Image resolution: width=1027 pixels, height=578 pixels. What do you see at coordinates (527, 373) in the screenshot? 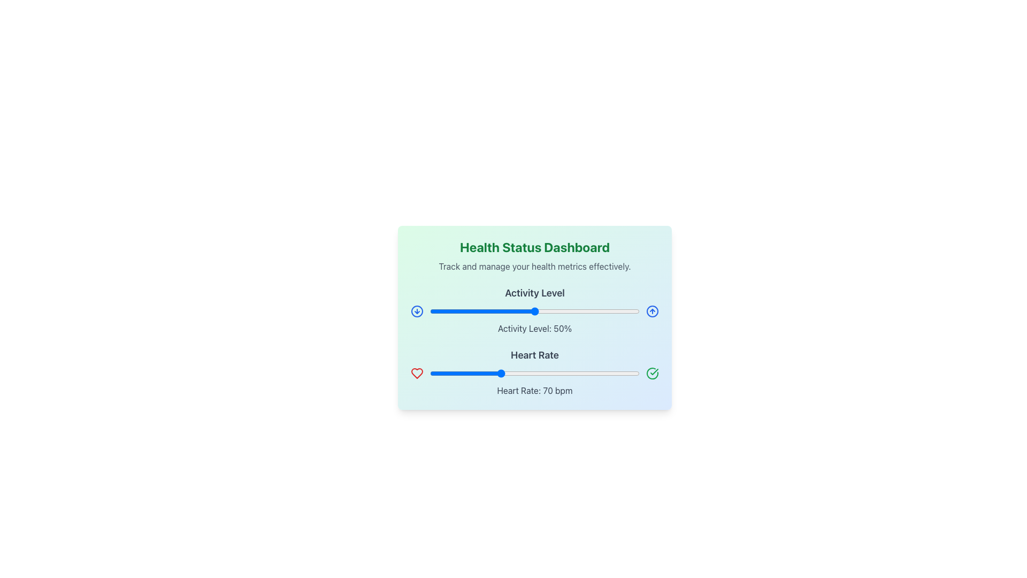
I see `heart rate` at bounding box center [527, 373].